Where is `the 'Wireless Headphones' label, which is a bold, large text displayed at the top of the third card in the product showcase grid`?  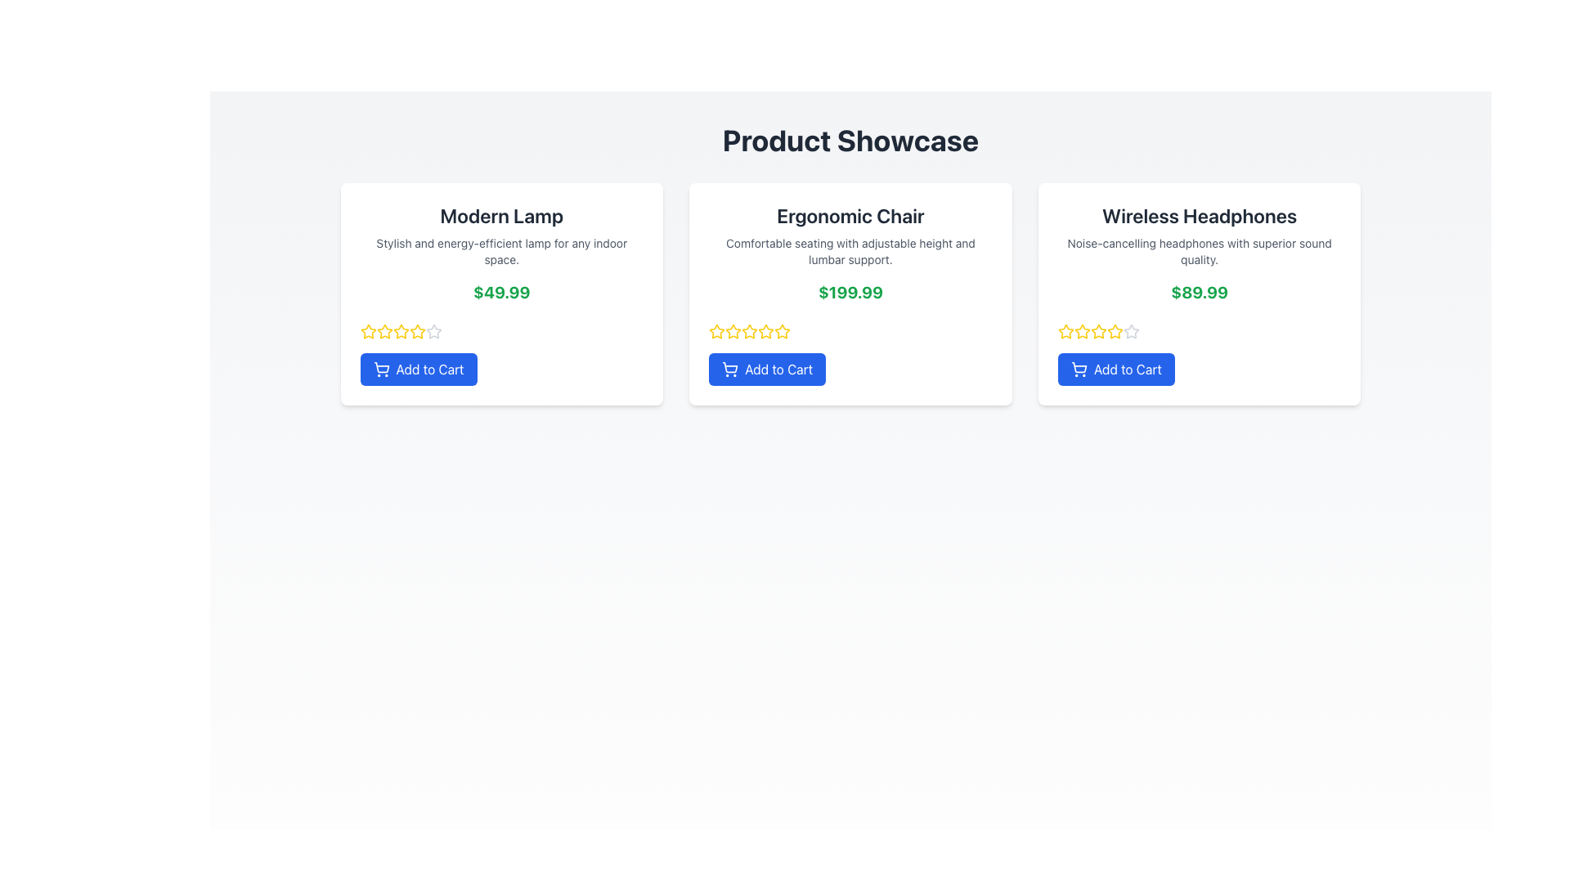
the 'Wireless Headphones' label, which is a bold, large text displayed at the top of the third card in the product showcase grid is located at coordinates (1200, 214).